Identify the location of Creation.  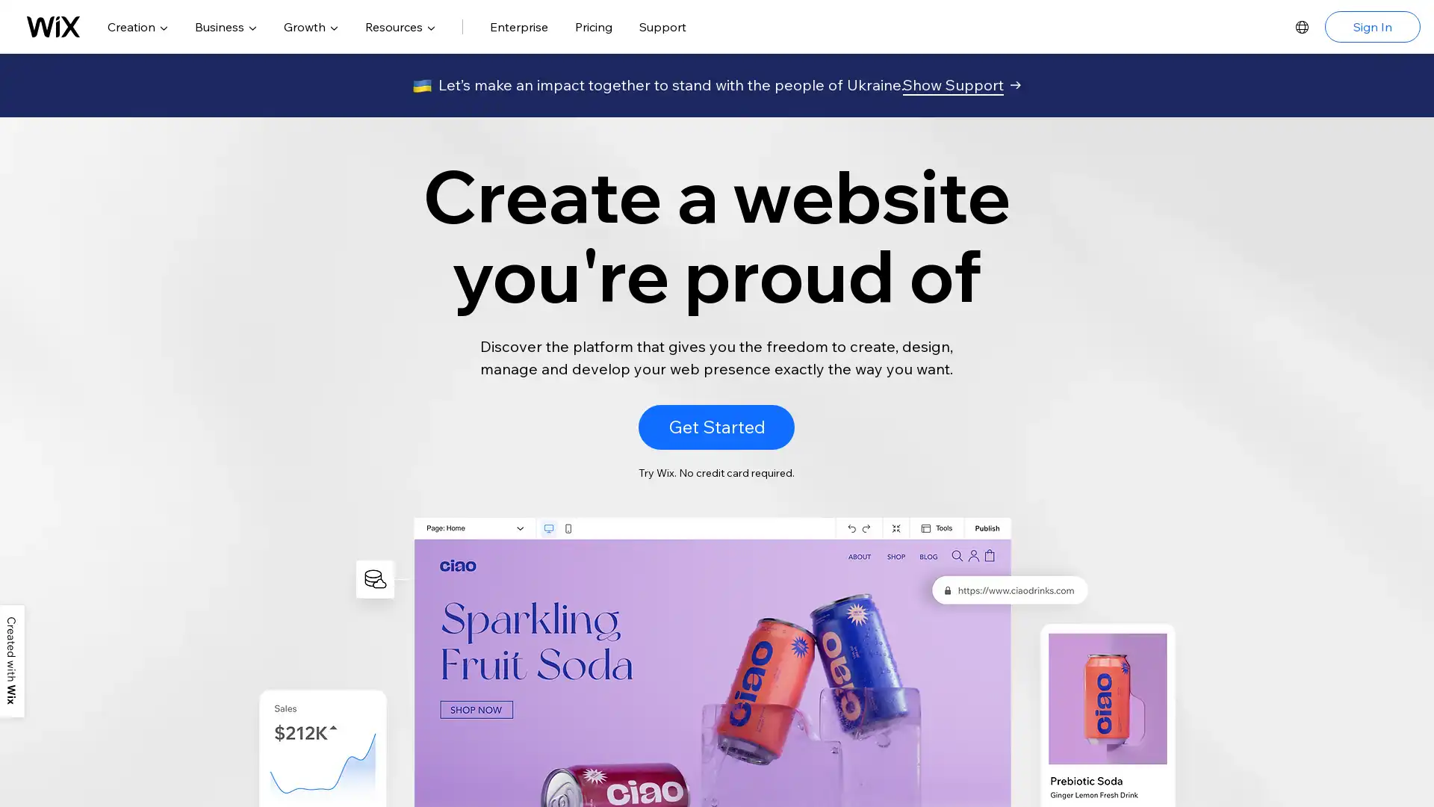
(137, 25).